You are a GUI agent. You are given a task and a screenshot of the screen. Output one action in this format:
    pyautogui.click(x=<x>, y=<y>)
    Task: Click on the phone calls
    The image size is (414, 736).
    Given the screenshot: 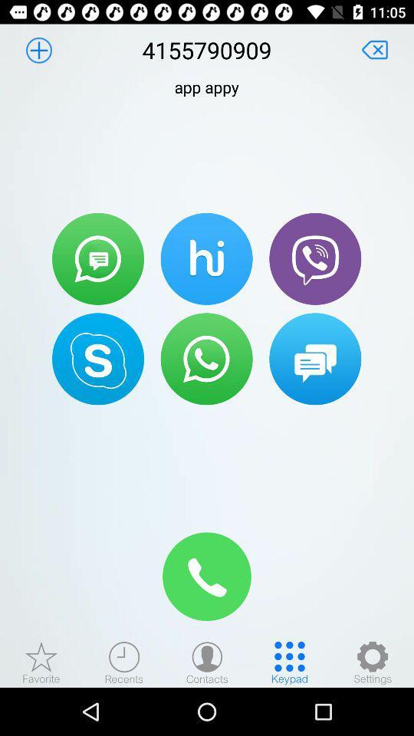 What is the action you would take?
    pyautogui.click(x=314, y=258)
    